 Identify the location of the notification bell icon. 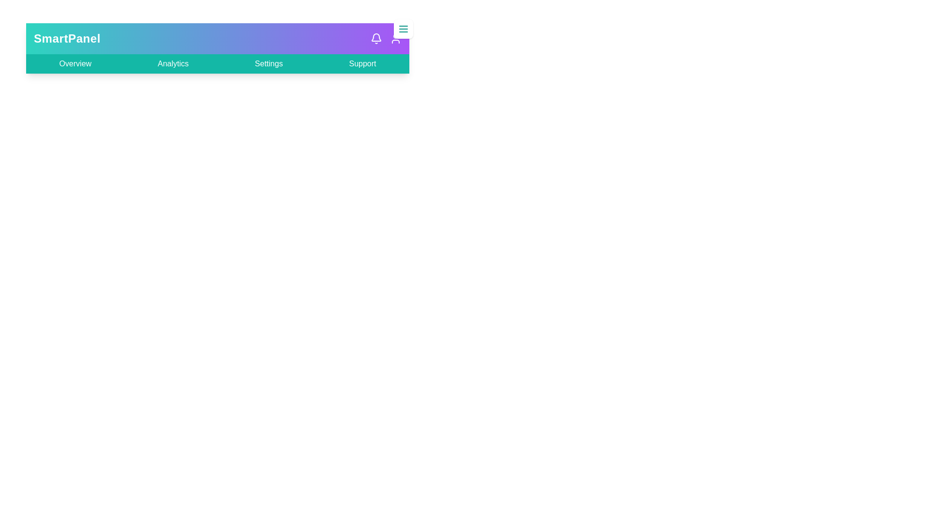
(375, 38).